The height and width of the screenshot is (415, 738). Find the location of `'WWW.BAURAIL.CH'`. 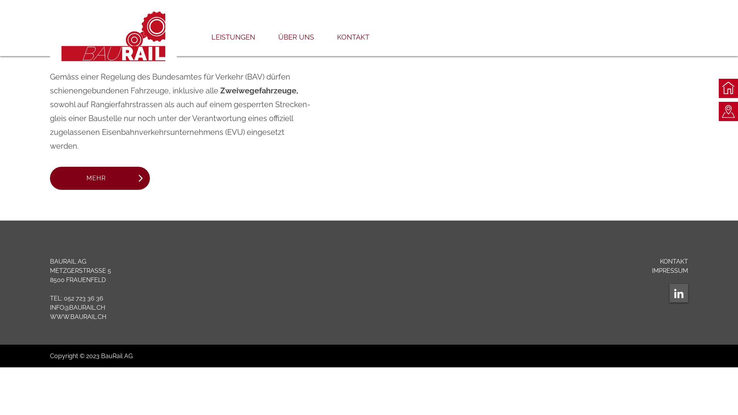

'WWW.BAURAIL.CH' is located at coordinates (78, 317).